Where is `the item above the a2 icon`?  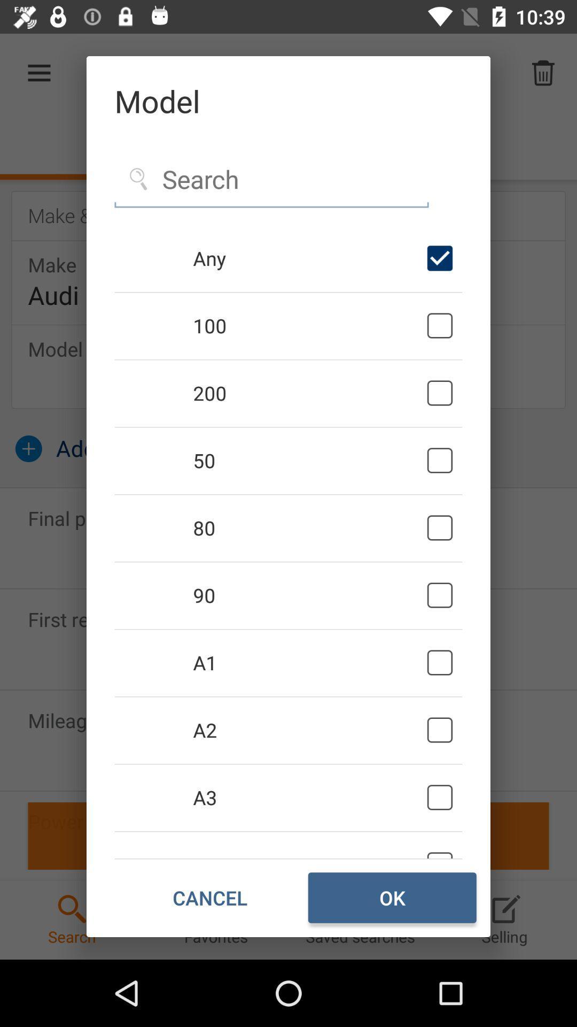
the item above the a2 icon is located at coordinates (308, 662).